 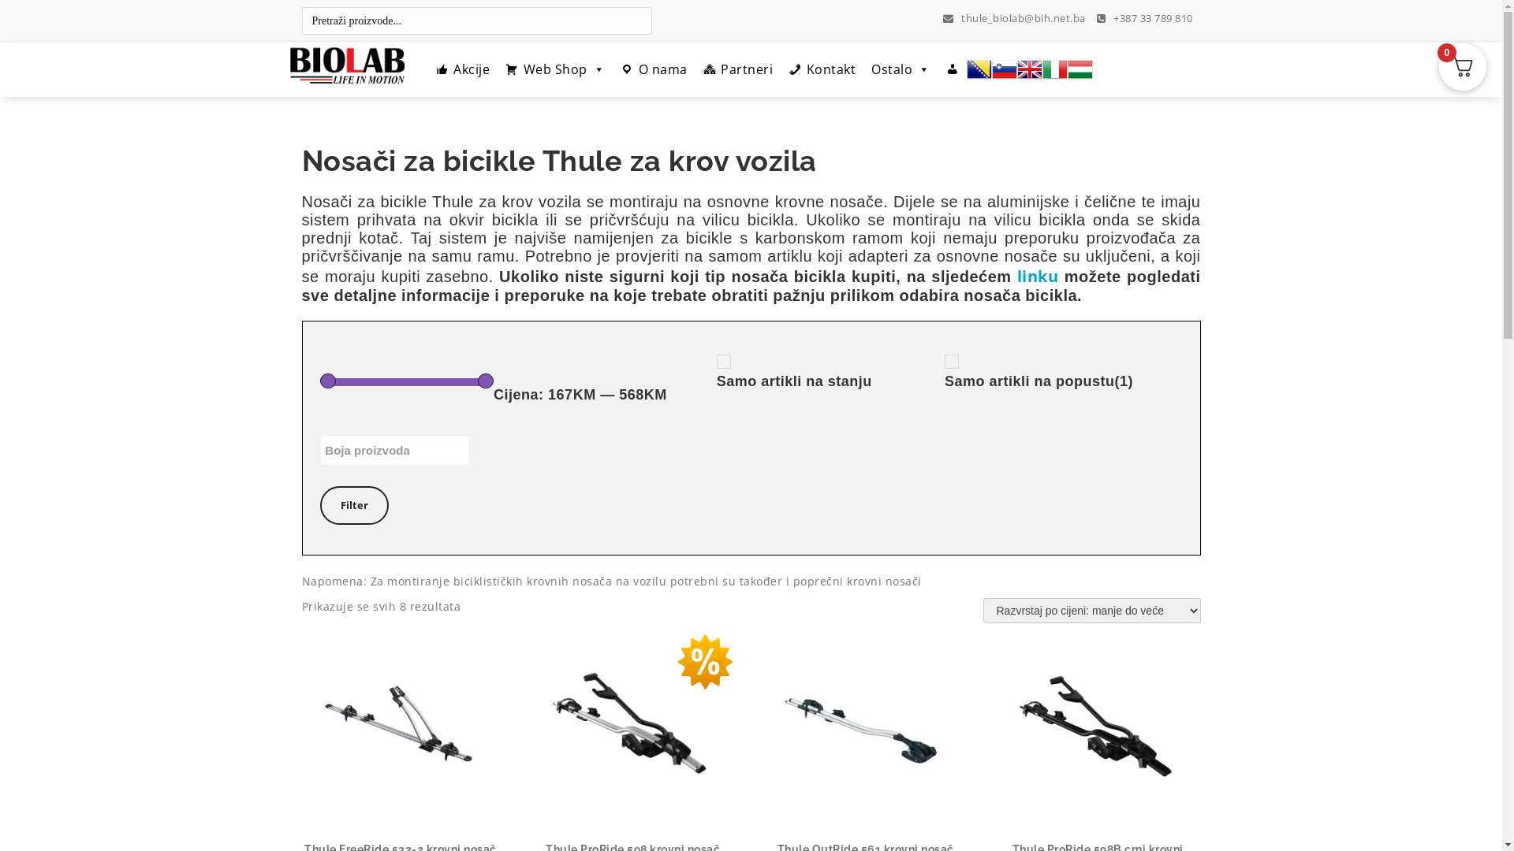 What do you see at coordinates (695, 69) in the screenshot?
I see `'Partneri'` at bounding box center [695, 69].